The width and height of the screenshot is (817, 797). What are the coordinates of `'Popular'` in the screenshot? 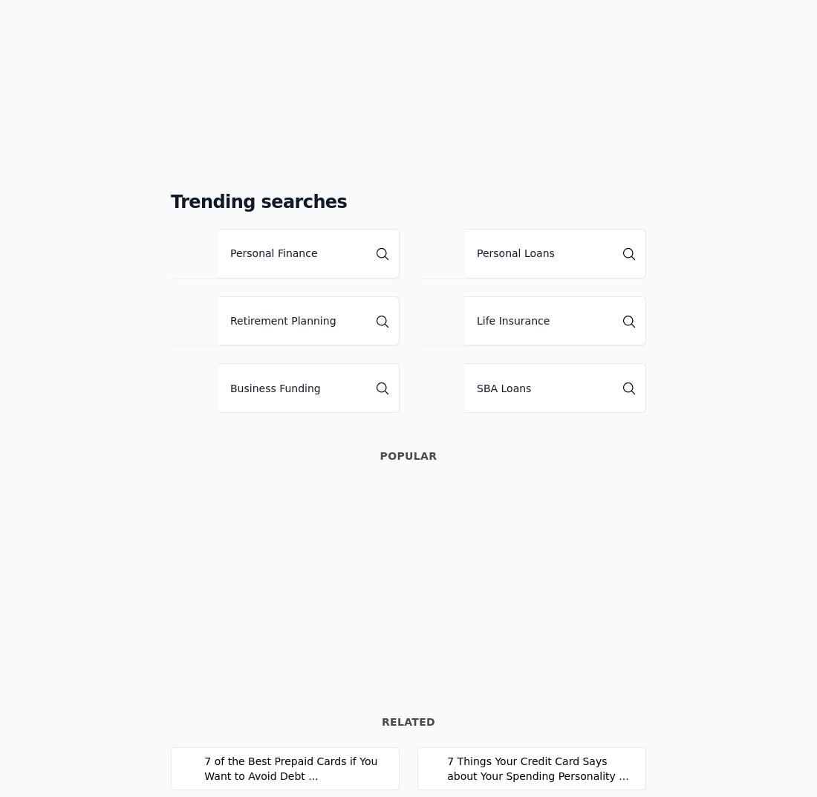 It's located at (379, 455).